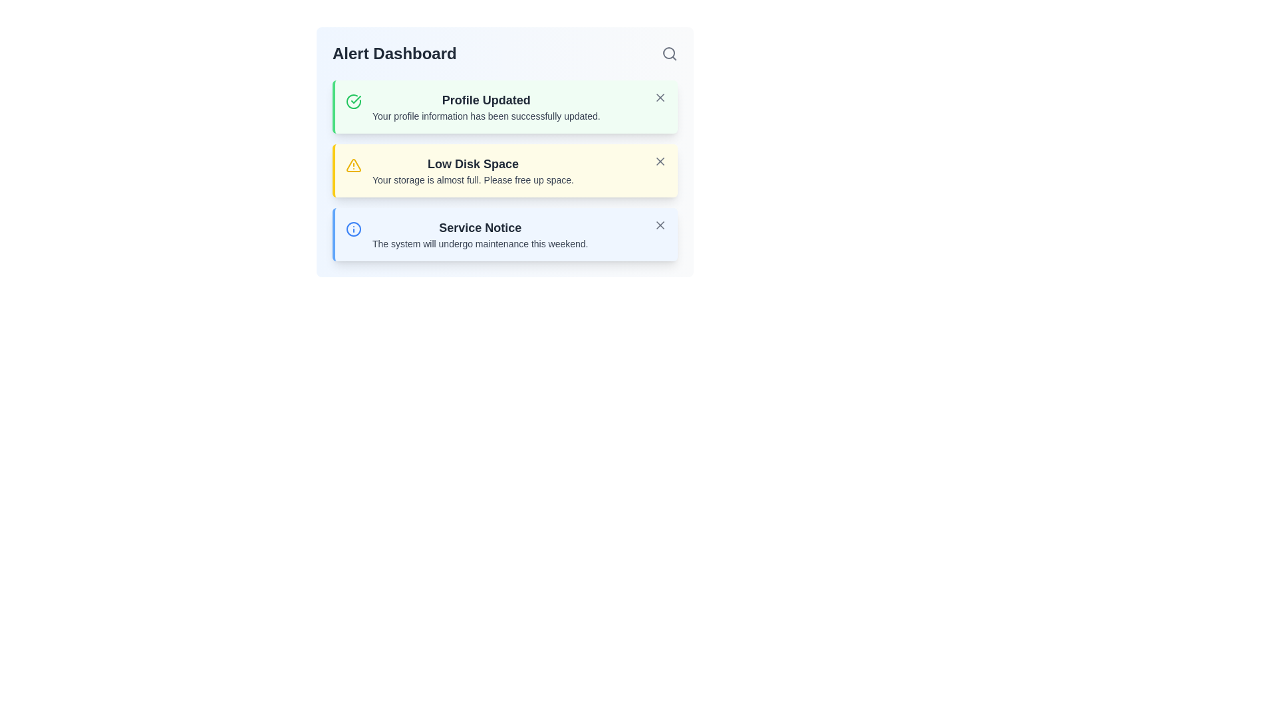 This screenshot has width=1277, height=718. What do you see at coordinates (660, 96) in the screenshot?
I see `the close button represented by an 'X' icon in the upper-right corner of the 'Profile Updated' notification area` at bounding box center [660, 96].